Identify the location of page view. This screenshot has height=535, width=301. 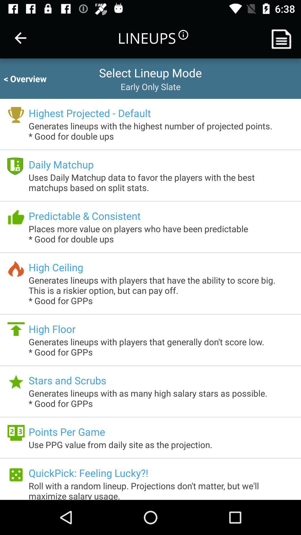
(283, 38).